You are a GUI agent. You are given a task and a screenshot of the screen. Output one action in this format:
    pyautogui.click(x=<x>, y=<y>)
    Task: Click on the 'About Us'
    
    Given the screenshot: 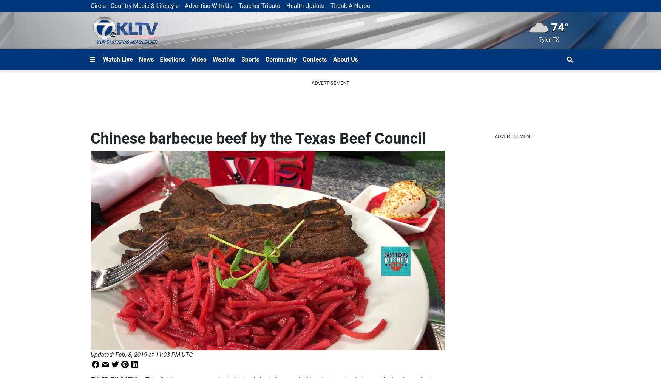 What is the action you would take?
    pyautogui.click(x=345, y=59)
    